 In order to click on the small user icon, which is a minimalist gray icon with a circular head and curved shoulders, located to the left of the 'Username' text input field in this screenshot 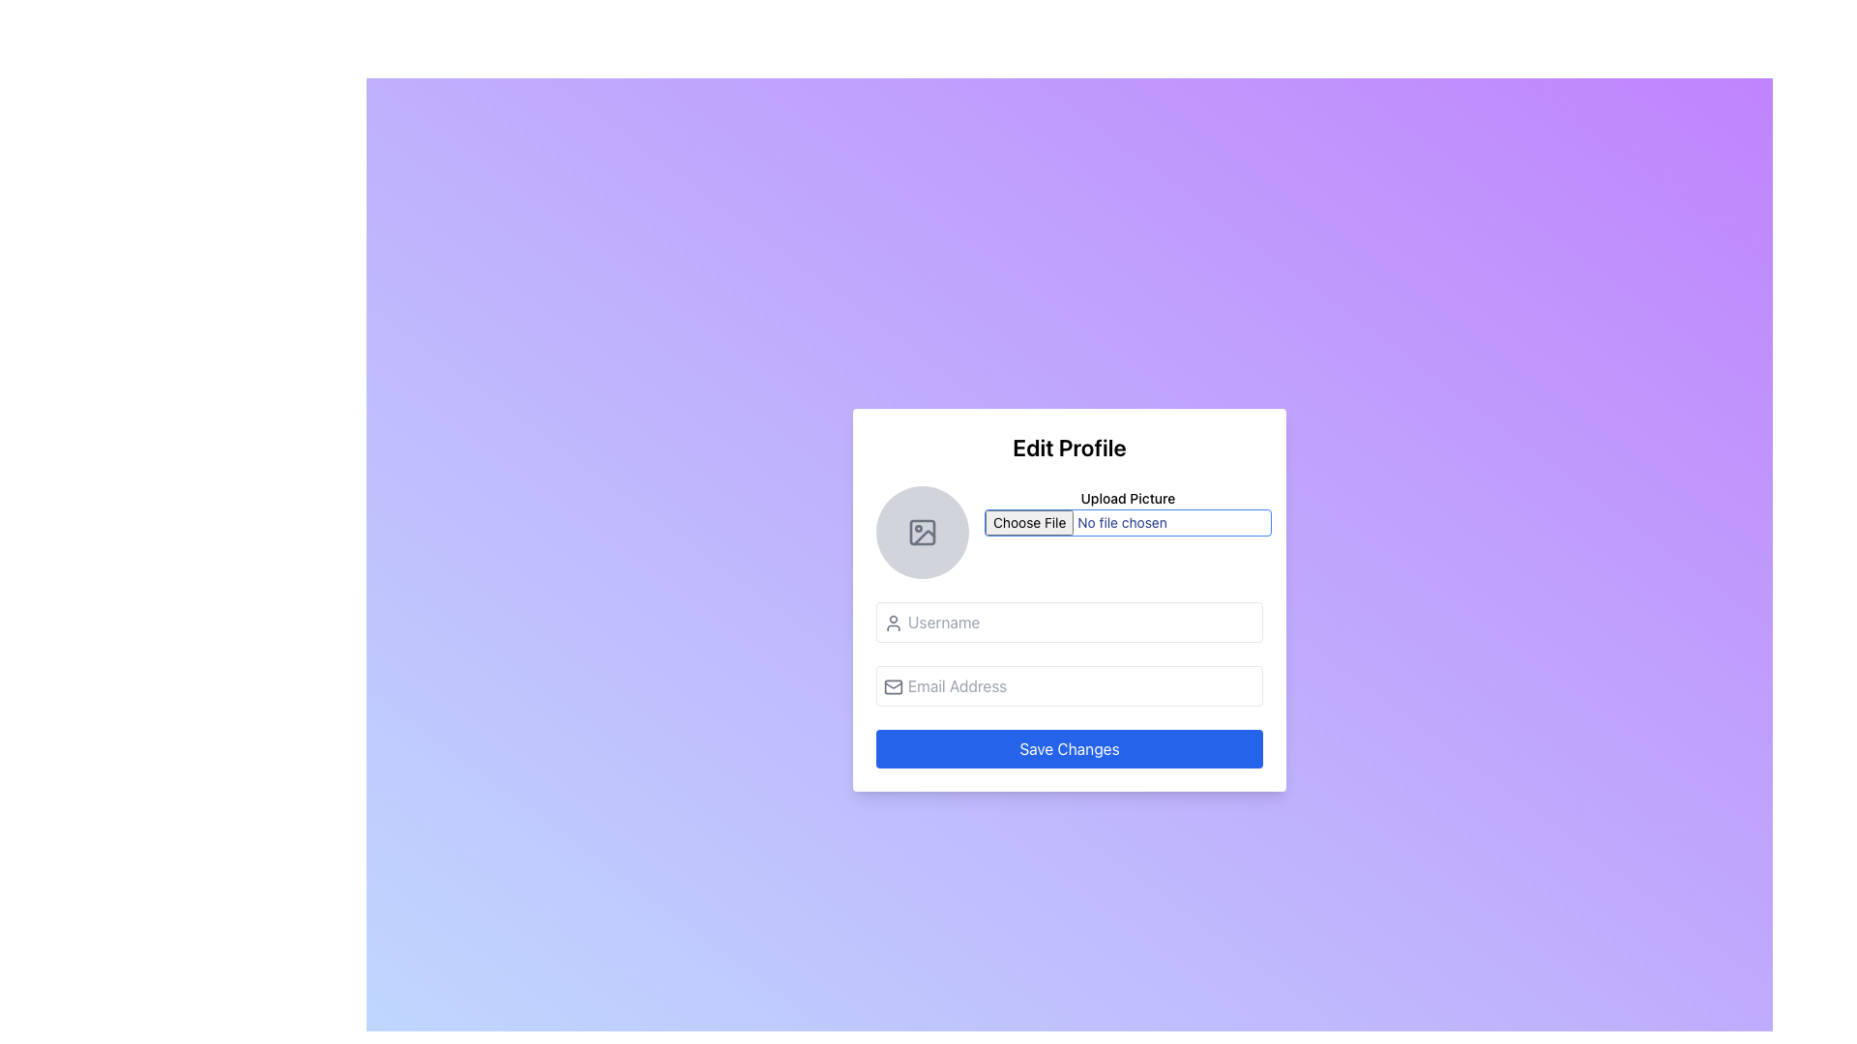, I will do `click(893, 623)`.